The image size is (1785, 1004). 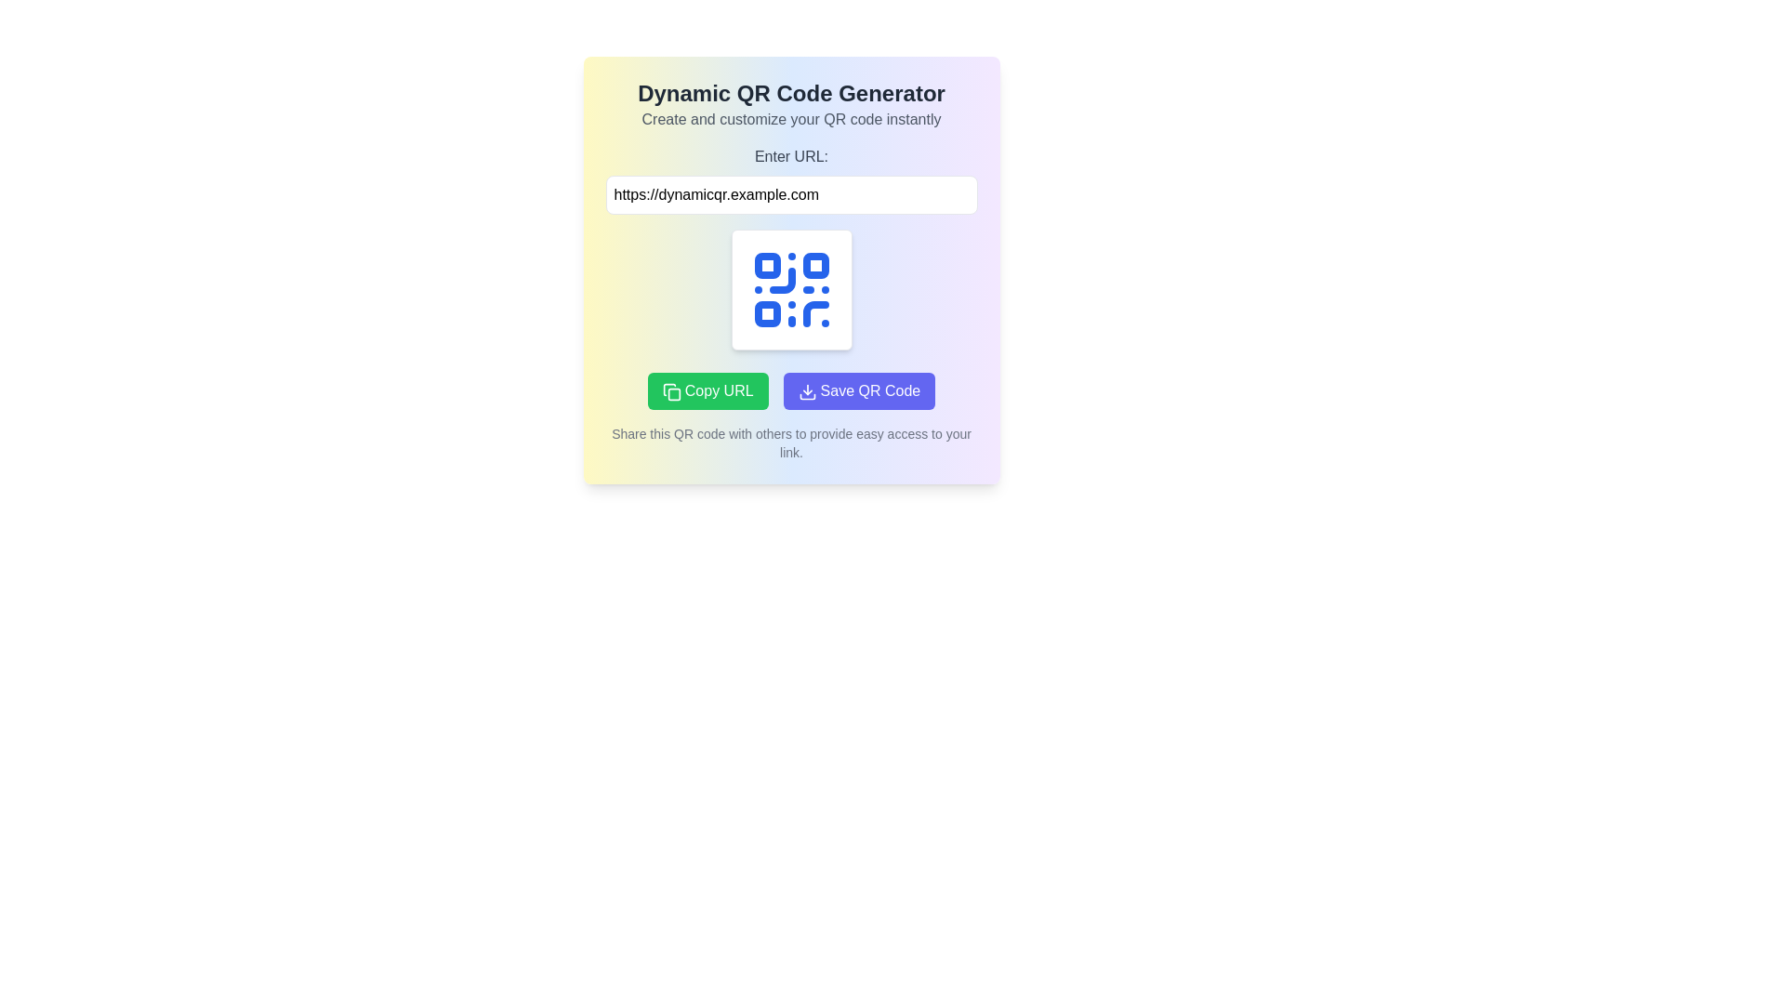 What do you see at coordinates (791, 194) in the screenshot?
I see `the text input field located directly beneath the label 'Enter URL:' to set focus for editing` at bounding box center [791, 194].